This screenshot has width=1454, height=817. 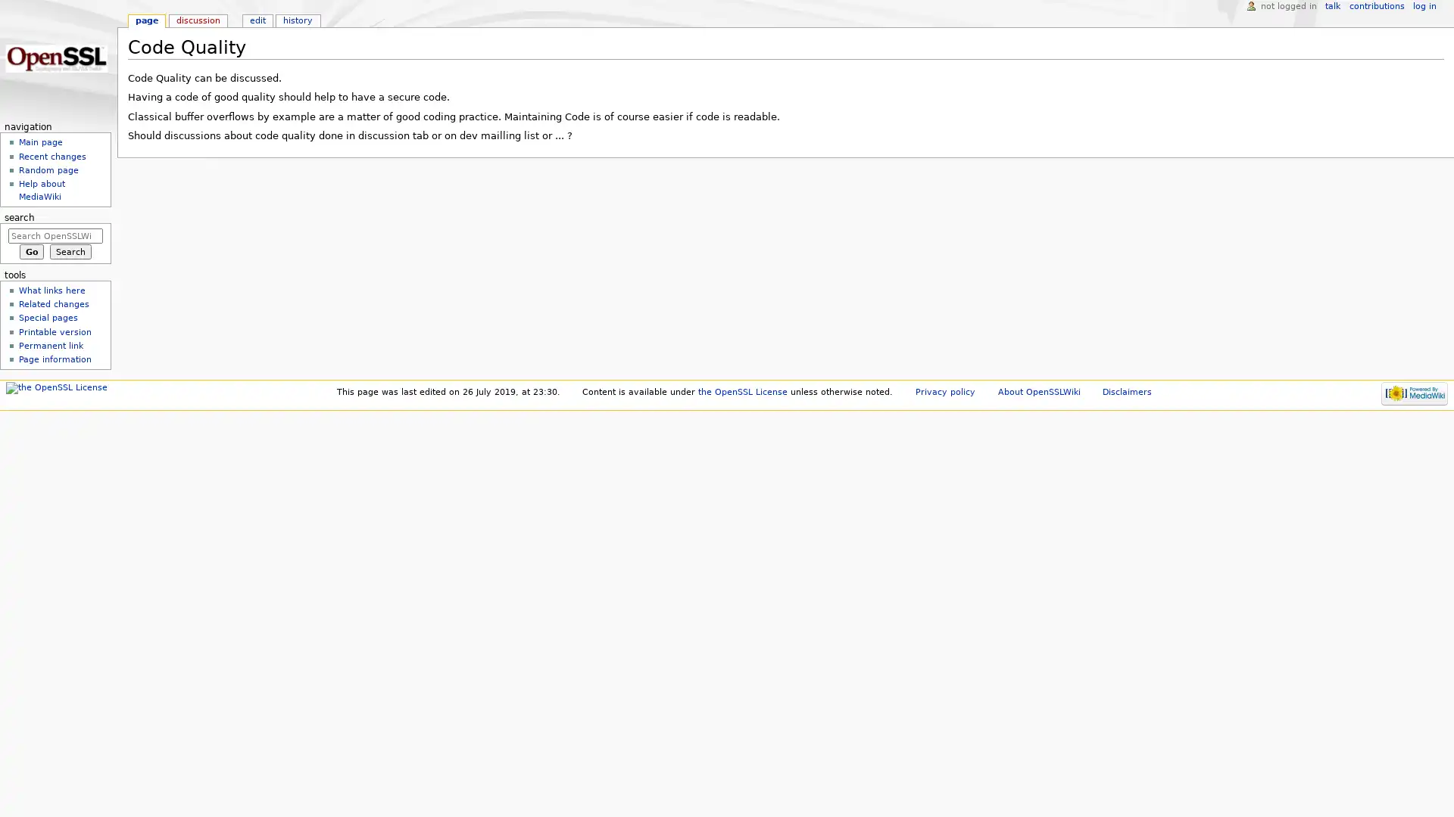 I want to click on Go, so click(x=31, y=250).